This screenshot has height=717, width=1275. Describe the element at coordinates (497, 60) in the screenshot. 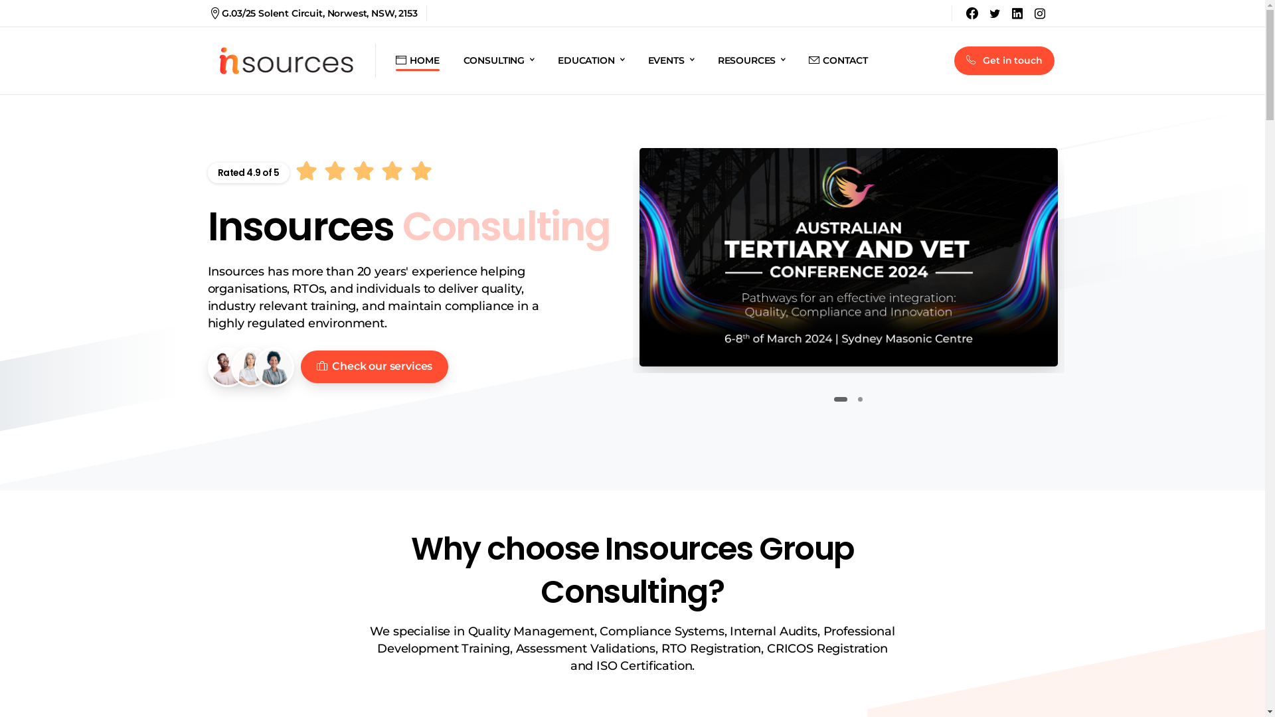

I see `'CONSULTING'` at that location.